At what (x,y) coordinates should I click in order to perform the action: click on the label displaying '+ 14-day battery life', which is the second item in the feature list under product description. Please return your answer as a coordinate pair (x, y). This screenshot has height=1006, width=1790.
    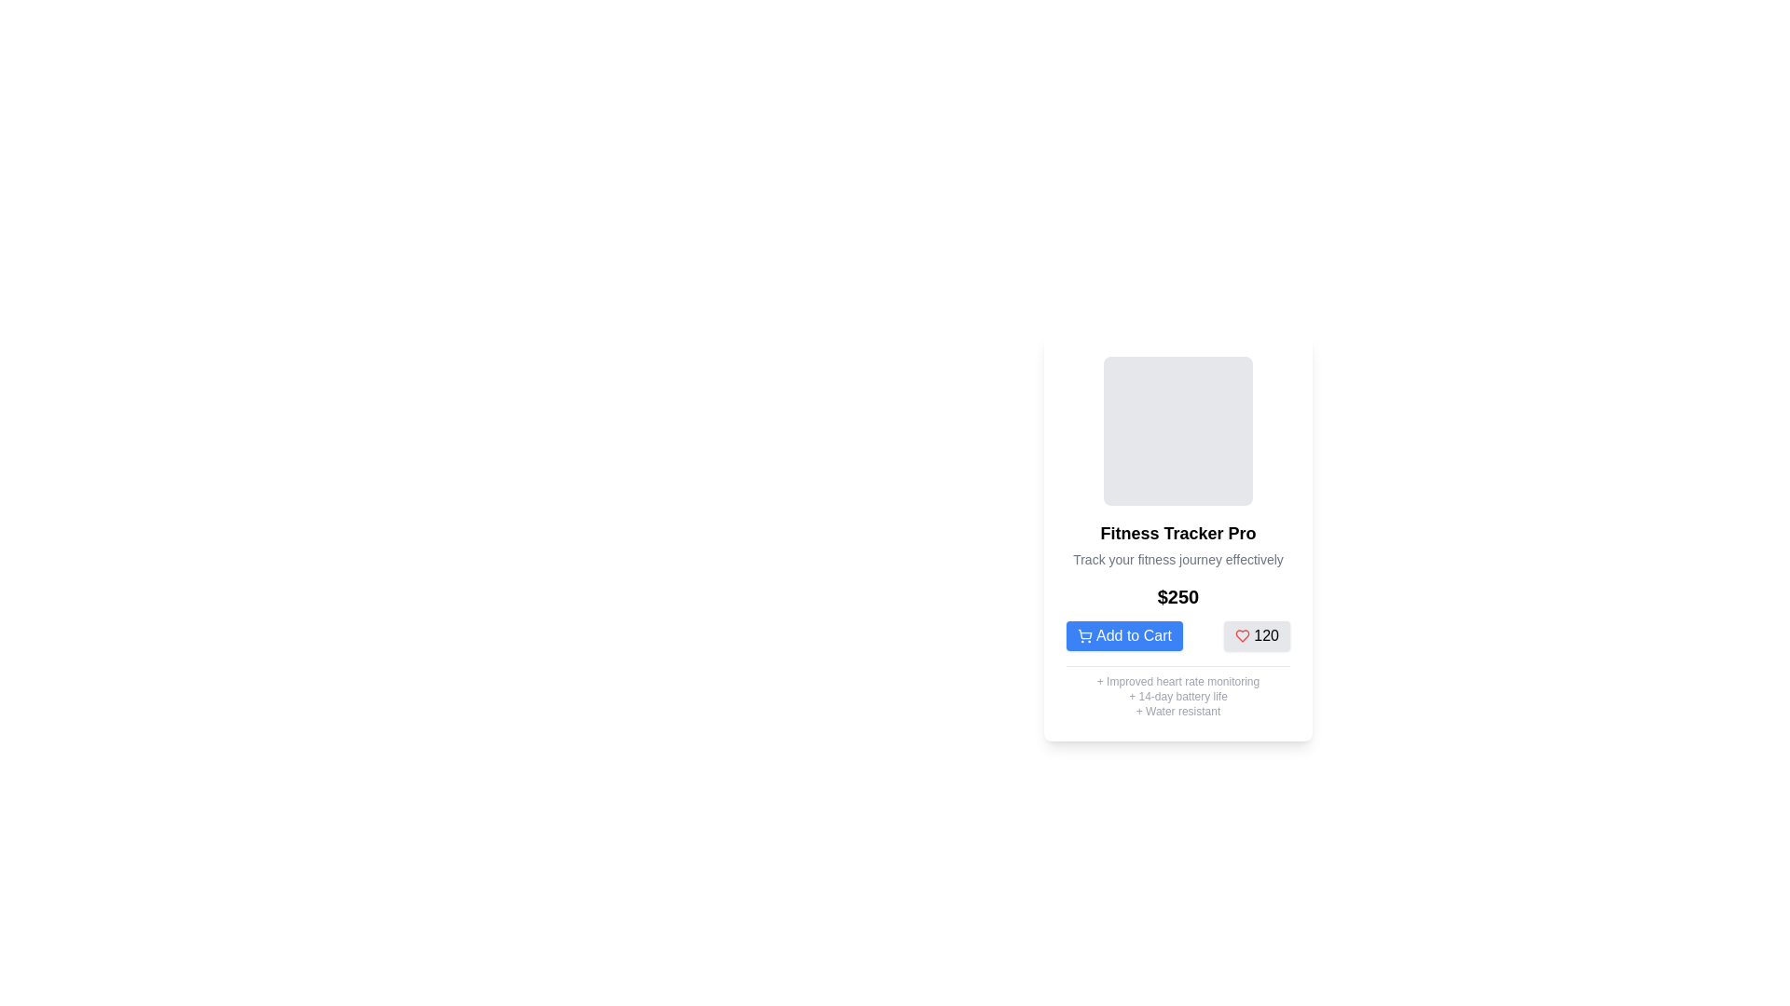
    Looking at the image, I should click on (1177, 697).